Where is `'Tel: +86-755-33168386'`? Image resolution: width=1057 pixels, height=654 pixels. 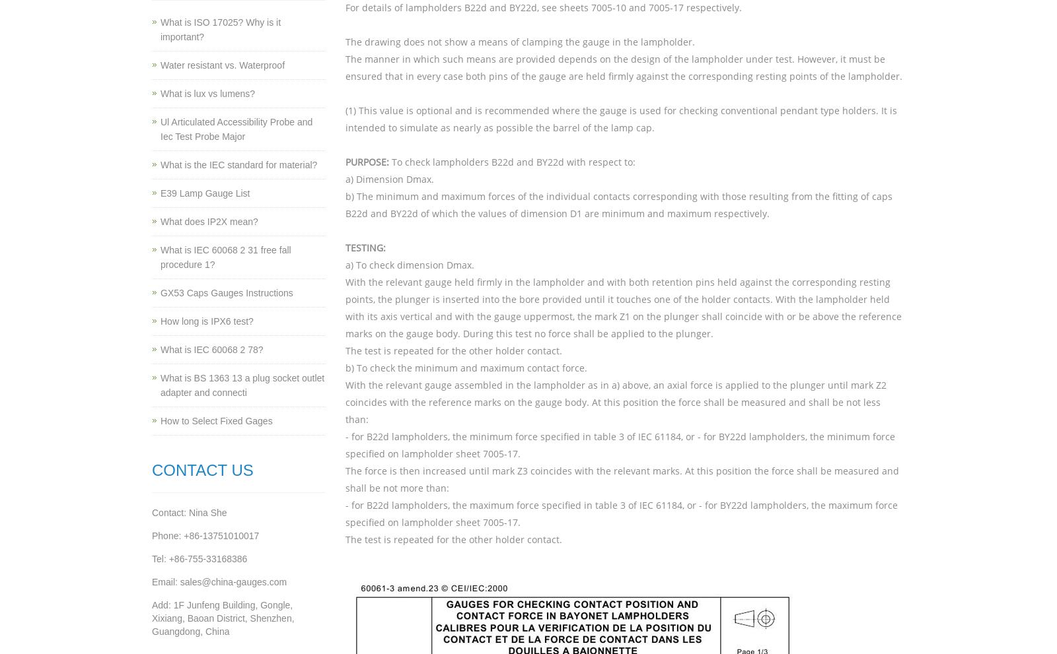 'Tel: +86-755-33168386' is located at coordinates (200, 558).